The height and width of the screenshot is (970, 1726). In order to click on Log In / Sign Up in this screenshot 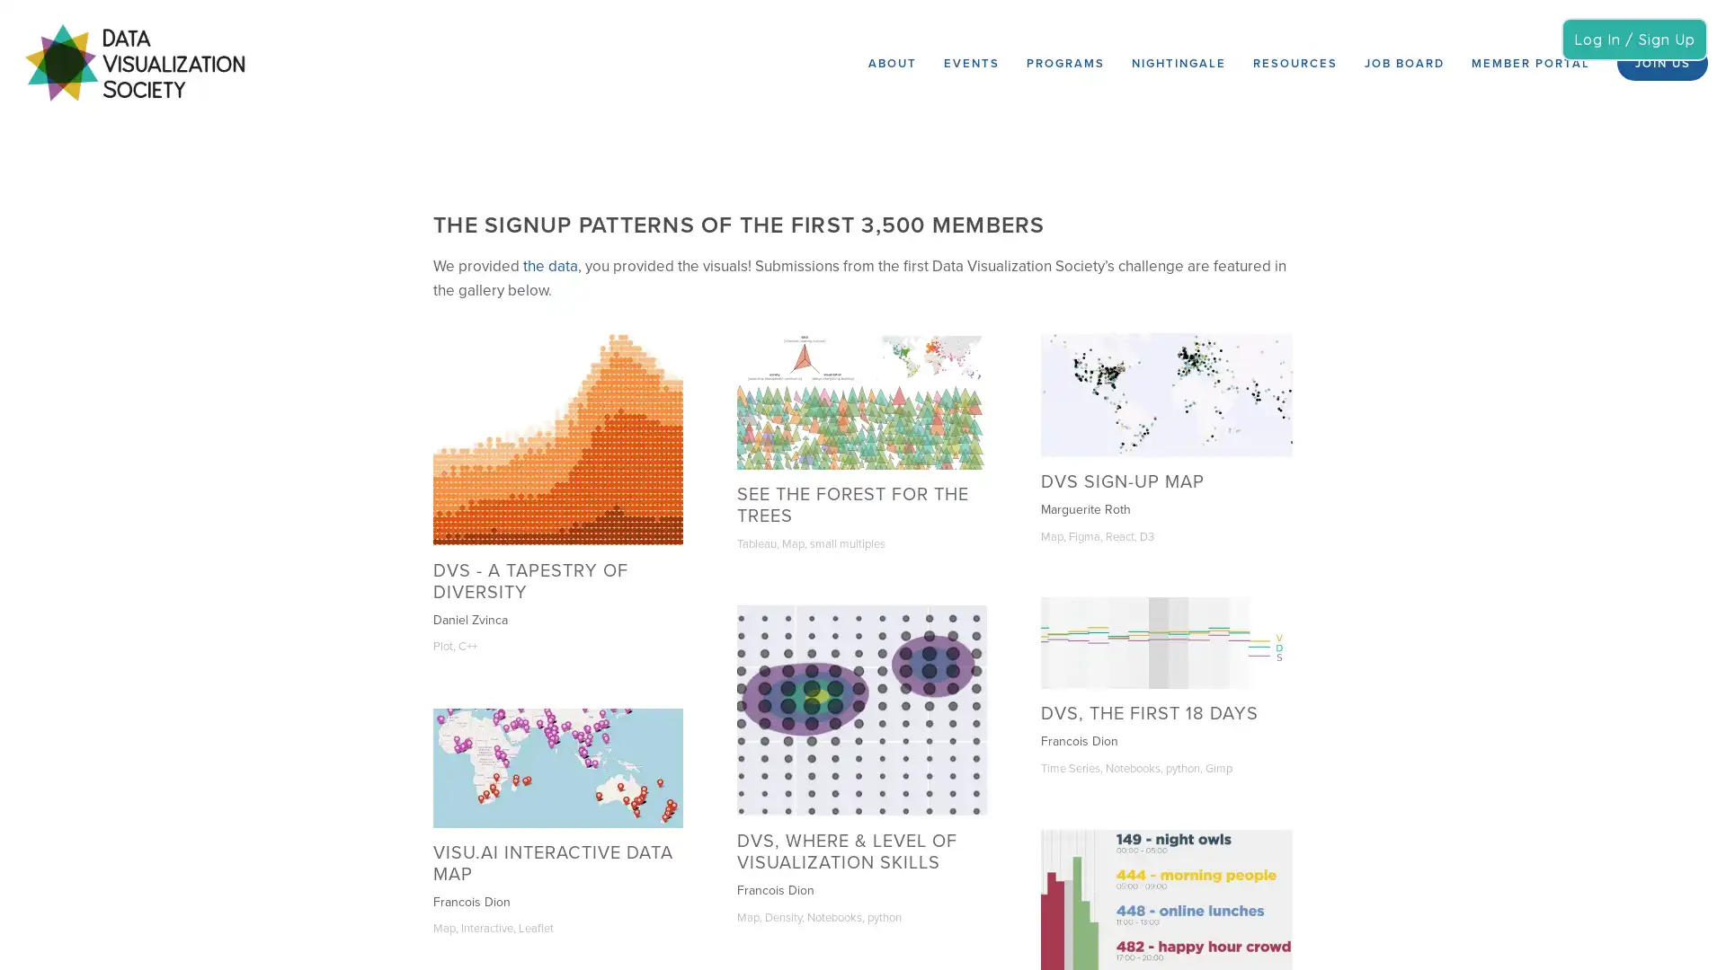, I will do `click(1634, 39)`.